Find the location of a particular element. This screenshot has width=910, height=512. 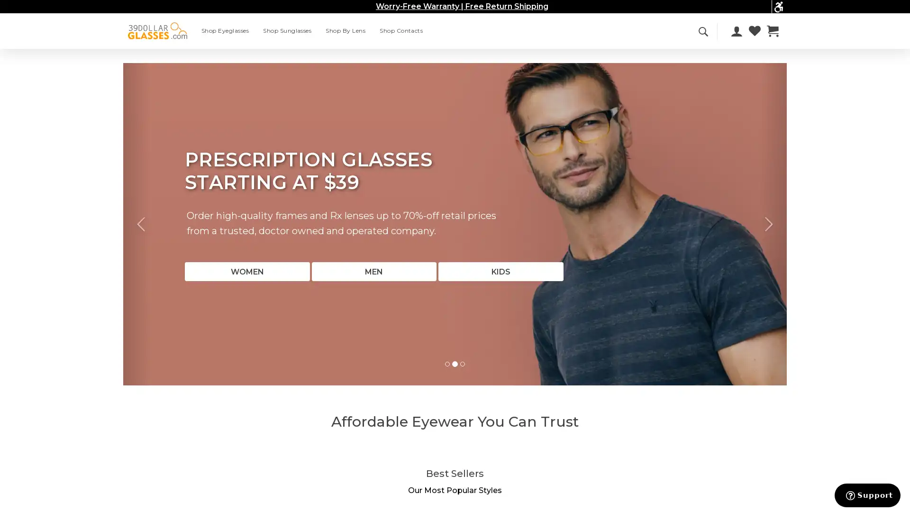

Next is located at coordinates (773, 224).